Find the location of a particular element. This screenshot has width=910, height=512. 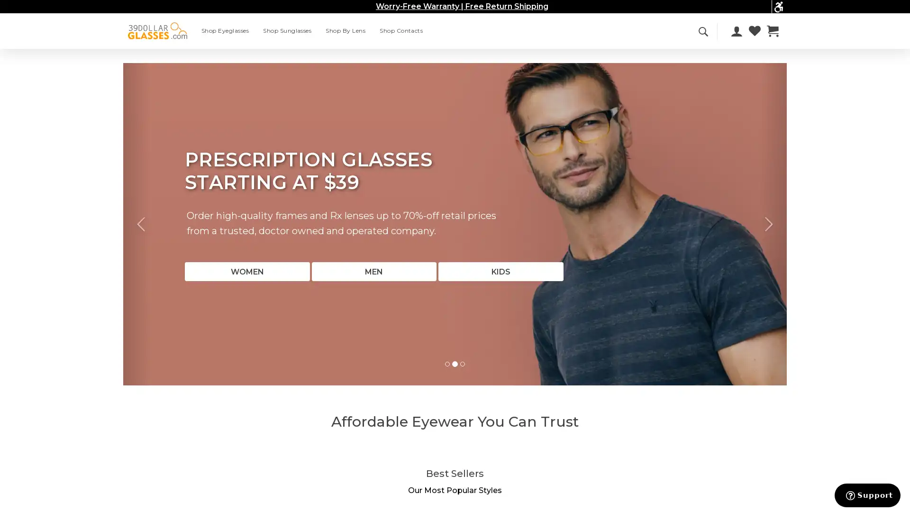

Next is located at coordinates (773, 224).